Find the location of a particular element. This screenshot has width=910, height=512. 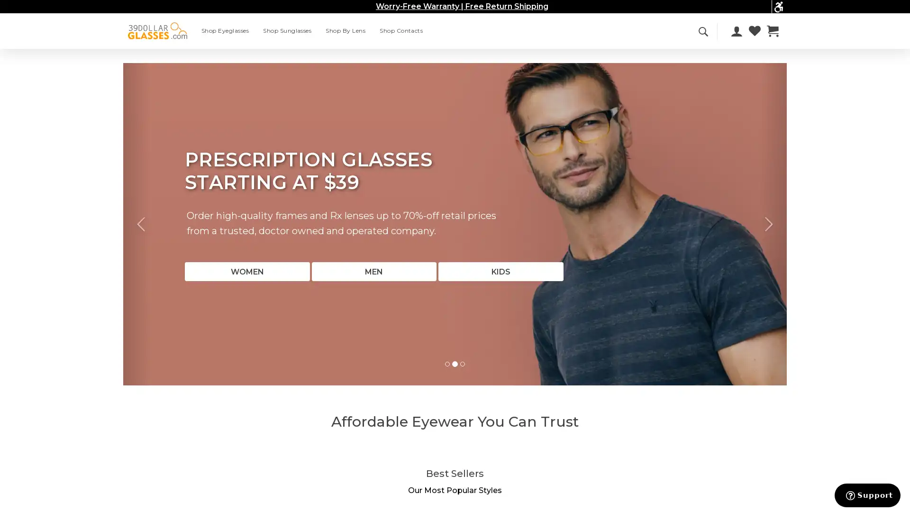

Next is located at coordinates (773, 224).